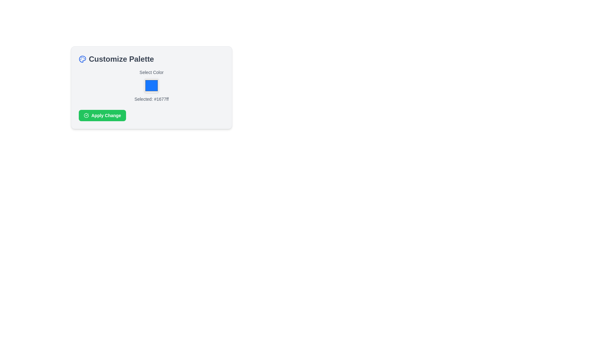  I want to click on the blue color selection button with rounded corners located, so click(151, 86).